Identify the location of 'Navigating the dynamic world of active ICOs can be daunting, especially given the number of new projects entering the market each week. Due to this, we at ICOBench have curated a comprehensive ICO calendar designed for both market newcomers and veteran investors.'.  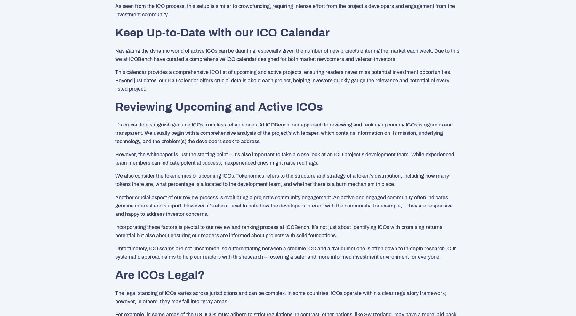
(288, 54).